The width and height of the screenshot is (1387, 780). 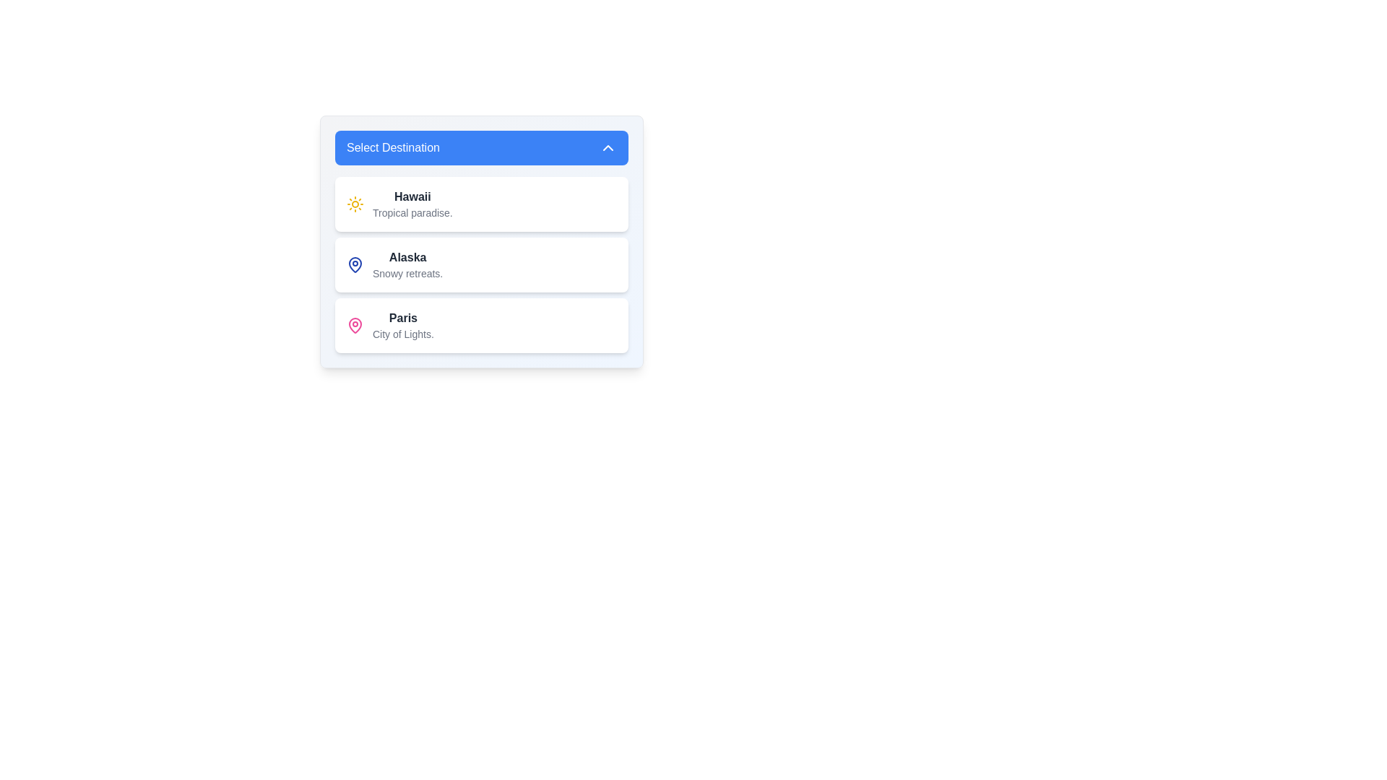 What do you see at coordinates (407, 273) in the screenshot?
I see `the descriptive subtext text label for the 'Alaska' option in the dropdown menu, which is positioned under the 'Alaska' text` at bounding box center [407, 273].